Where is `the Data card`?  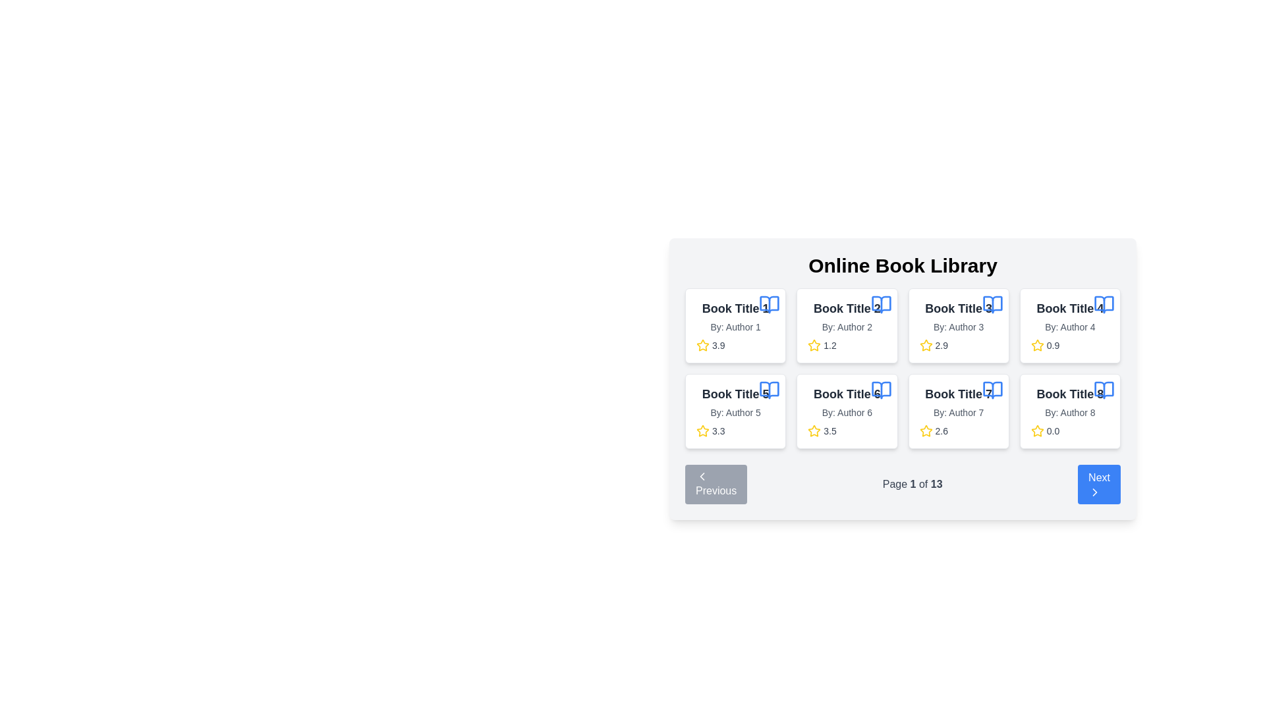
the Data card is located at coordinates (902, 379).